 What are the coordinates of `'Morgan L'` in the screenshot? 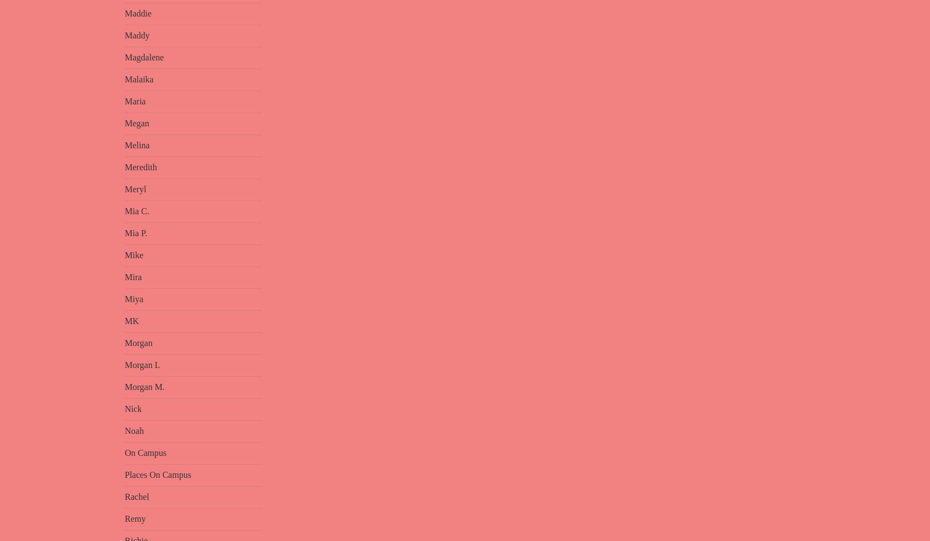 It's located at (125, 364).